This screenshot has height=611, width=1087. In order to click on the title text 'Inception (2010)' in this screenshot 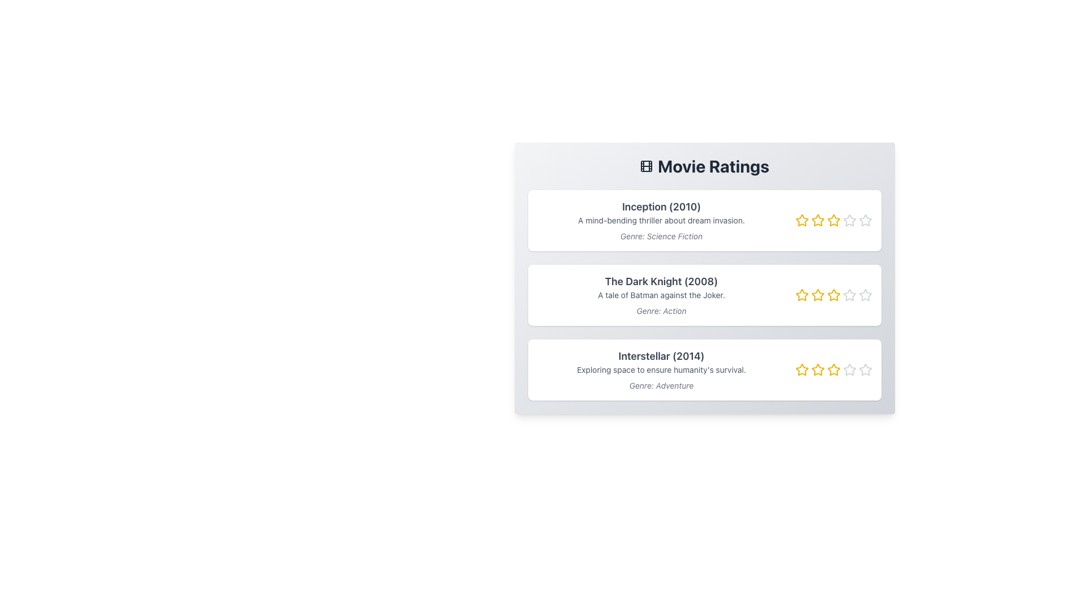, I will do `click(661, 207)`.